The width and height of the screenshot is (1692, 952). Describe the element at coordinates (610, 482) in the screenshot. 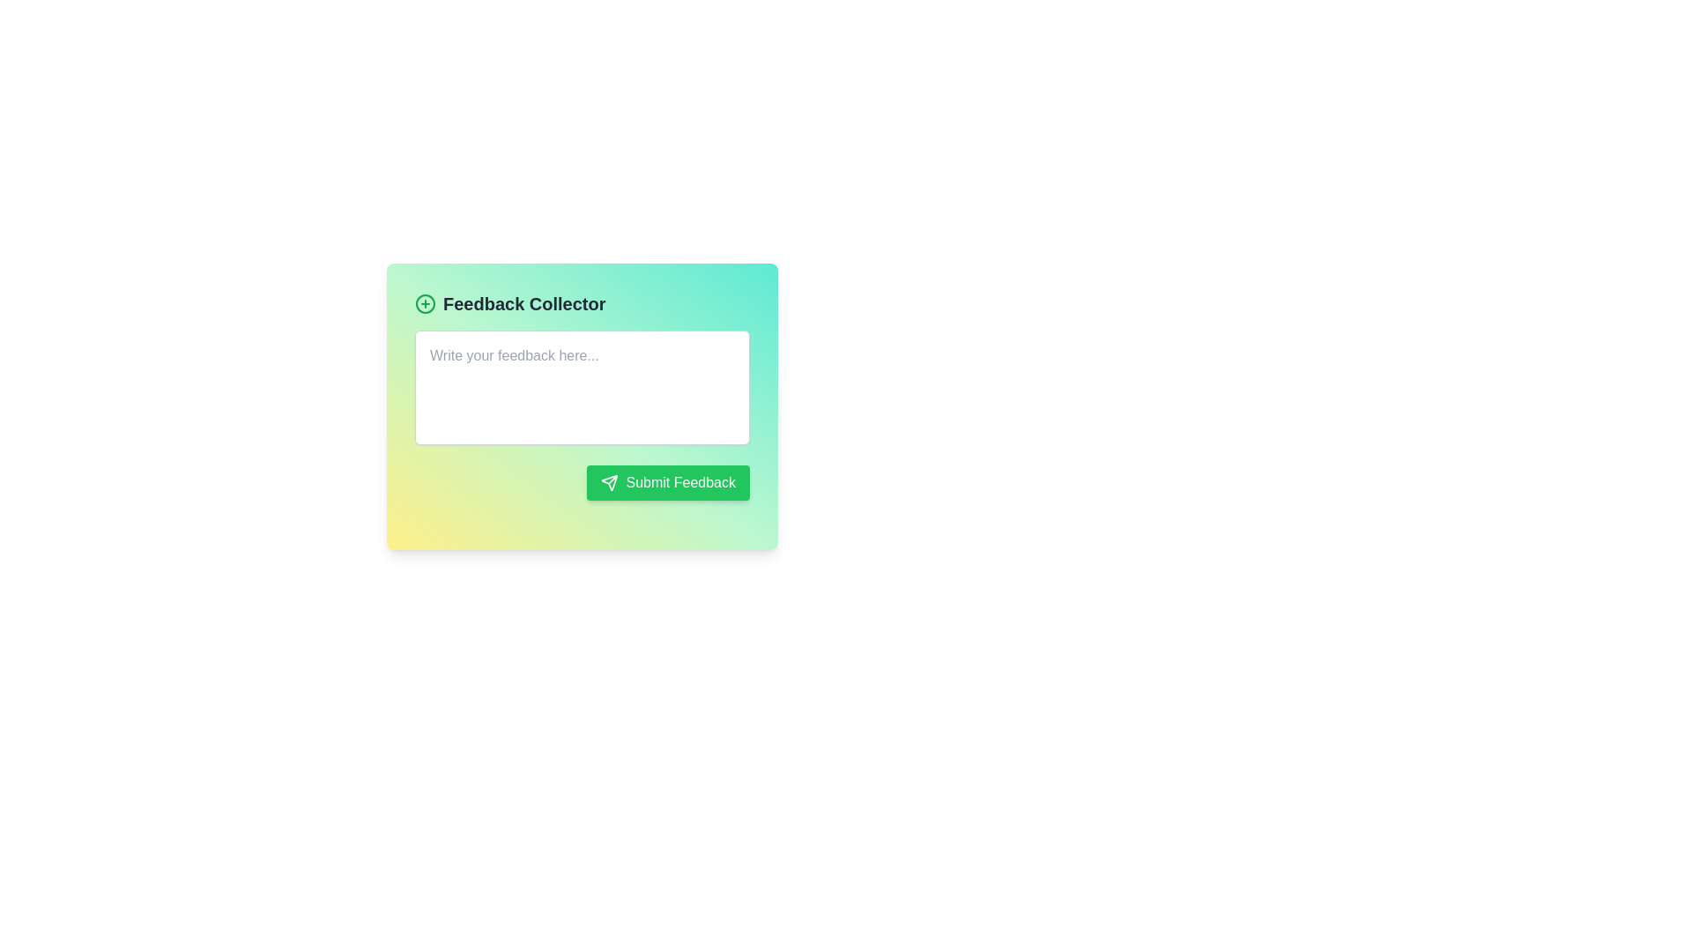

I see `the small paper plane icon located inside the 'Submit Feedback' button, positioned to the left of the text` at that location.